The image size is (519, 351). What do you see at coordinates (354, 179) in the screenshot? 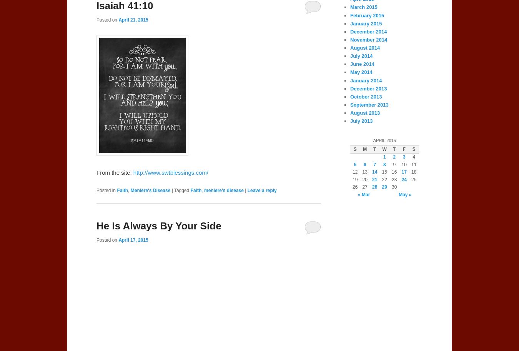
I see `'19'` at bounding box center [354, 179].